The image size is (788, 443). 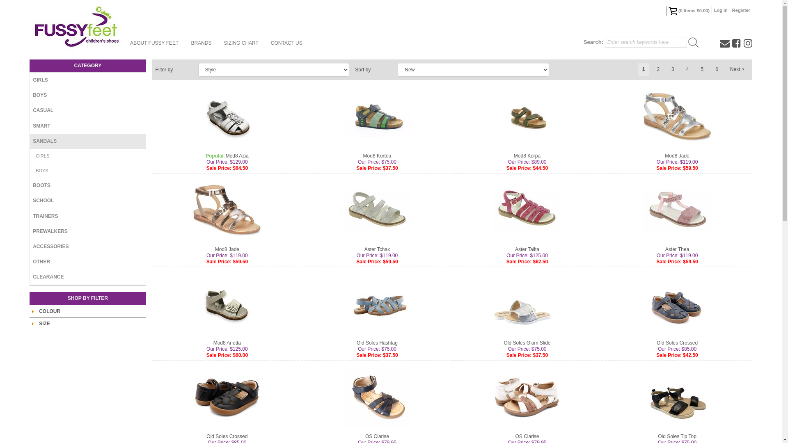 What do you see at coordinates (376, 304) in the screenshot?
I see `'Old Soles Hashtag-sandals-Fussy Feet - Childrens Shoes'` at bounding box center [376, 304].